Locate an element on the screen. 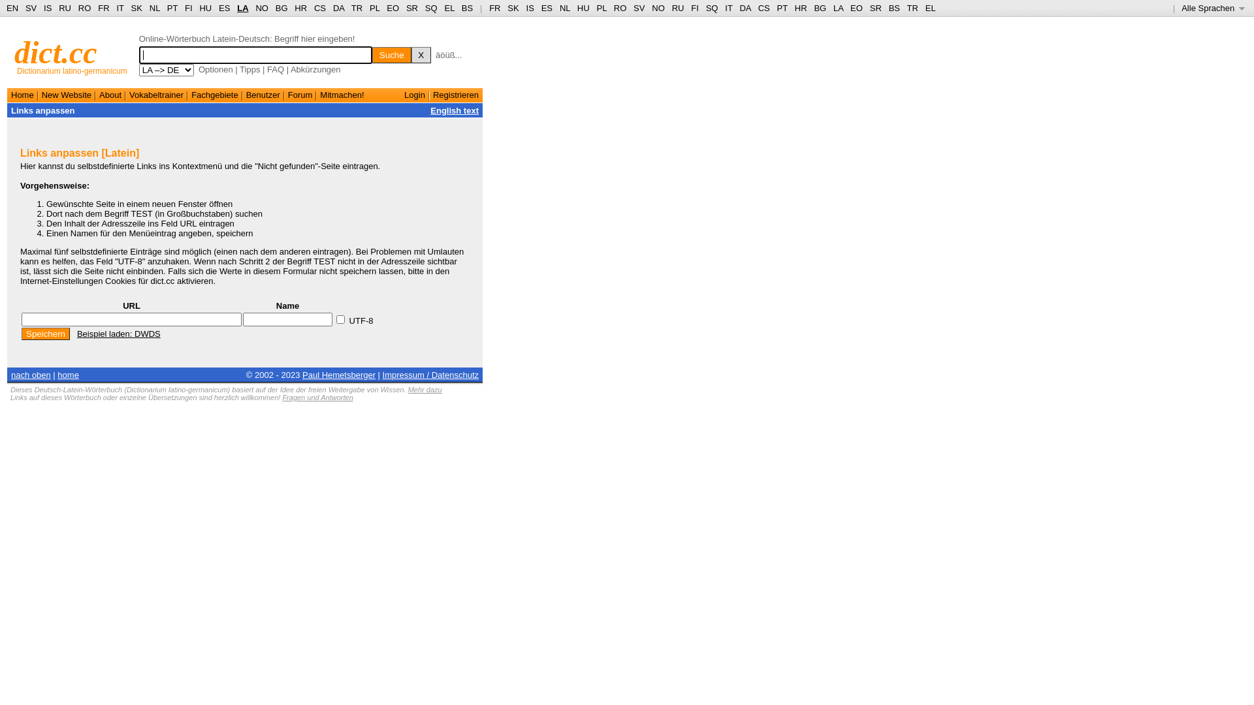 The image size is (1254, 705). 'CS' is located at coordinates (764, 8).